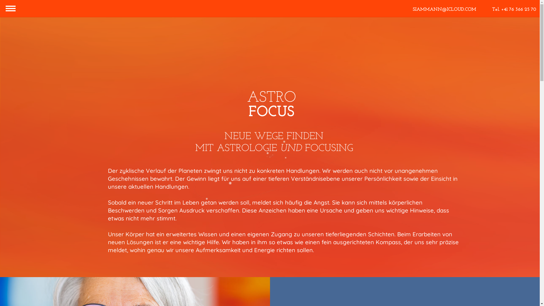 The height and width of the screenshot is (306, 544). Describe the element at coordinates (413, 10) in the screenshot. I see `'SIAMMANN@ICLOUD.COM'` at that location.